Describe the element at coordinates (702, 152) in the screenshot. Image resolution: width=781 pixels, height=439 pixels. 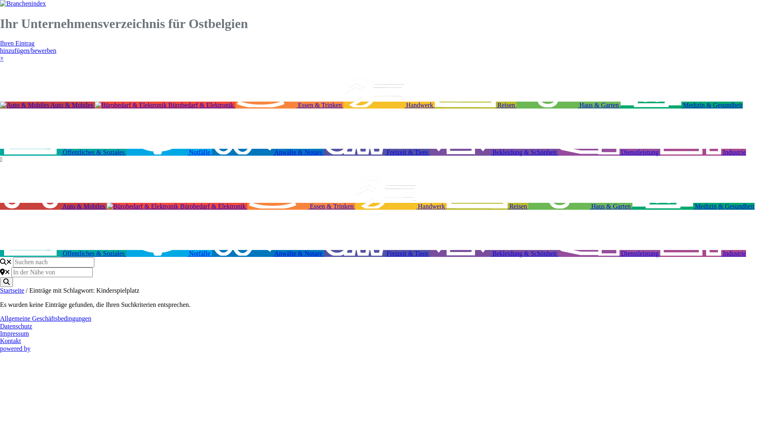
I see `'Industrie'` at that location.